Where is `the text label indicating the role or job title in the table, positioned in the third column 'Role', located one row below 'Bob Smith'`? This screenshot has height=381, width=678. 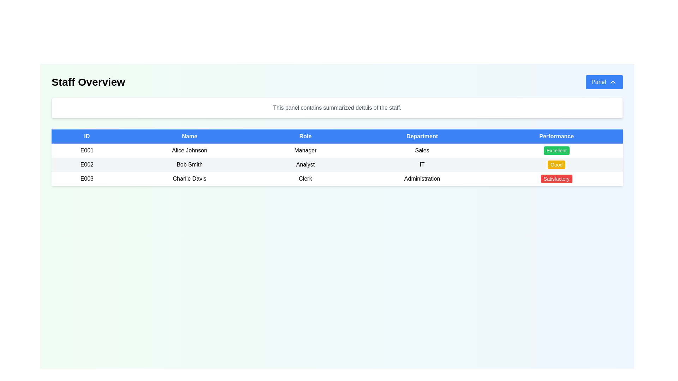 the text label indicating the role or job title in the table, positioned in the third column 'Role', located one row below 'Bob Smith' is located at coordinates (305, 178).